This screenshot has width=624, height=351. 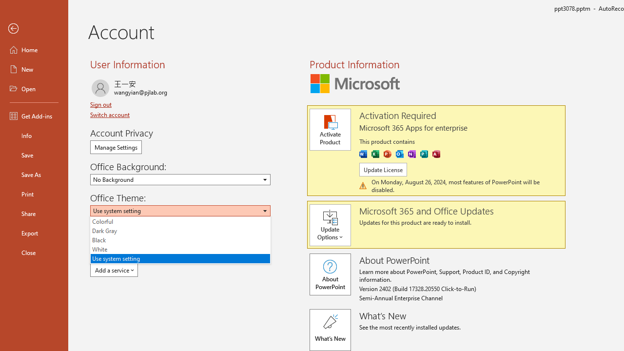 I want to click on 'OneNote', so click(x=411, y=154).